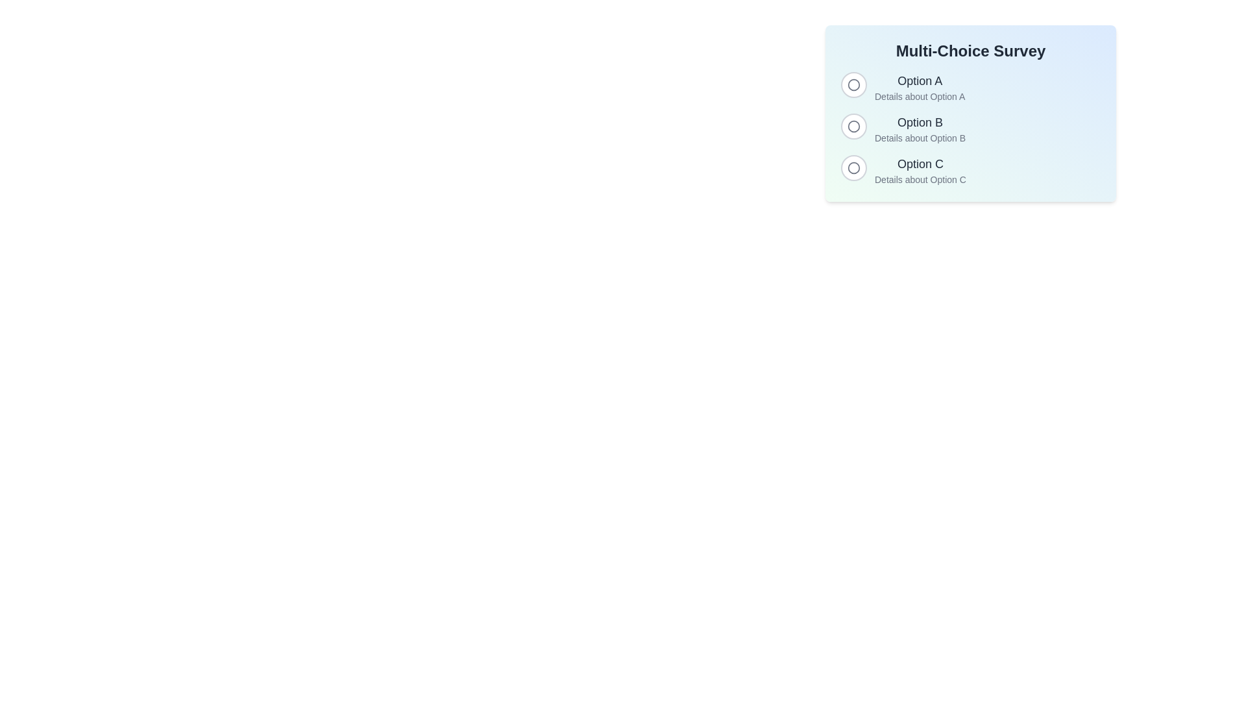  What do you see at coordinates (971, 50) in the screenshot?
I see `the header text 'Multi-Choice Survey', which is displayed in bold, large-sized dark gray font at the top of the multi-choice survey form` at bounding box center [971, 50].